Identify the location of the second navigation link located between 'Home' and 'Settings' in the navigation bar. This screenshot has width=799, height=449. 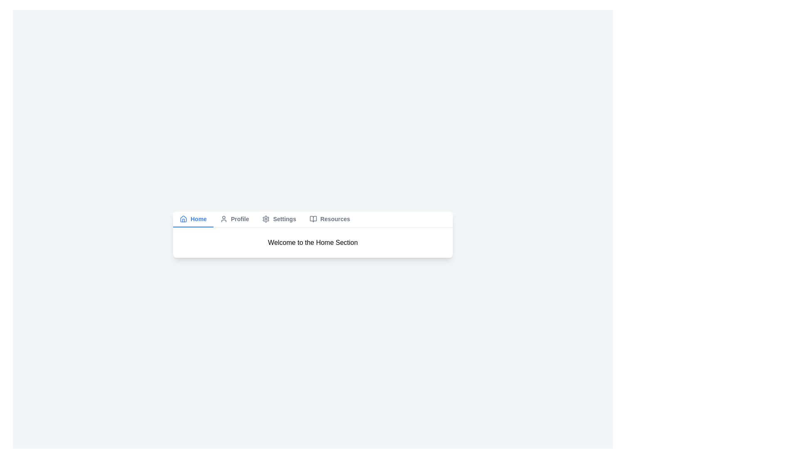
(234, 219).